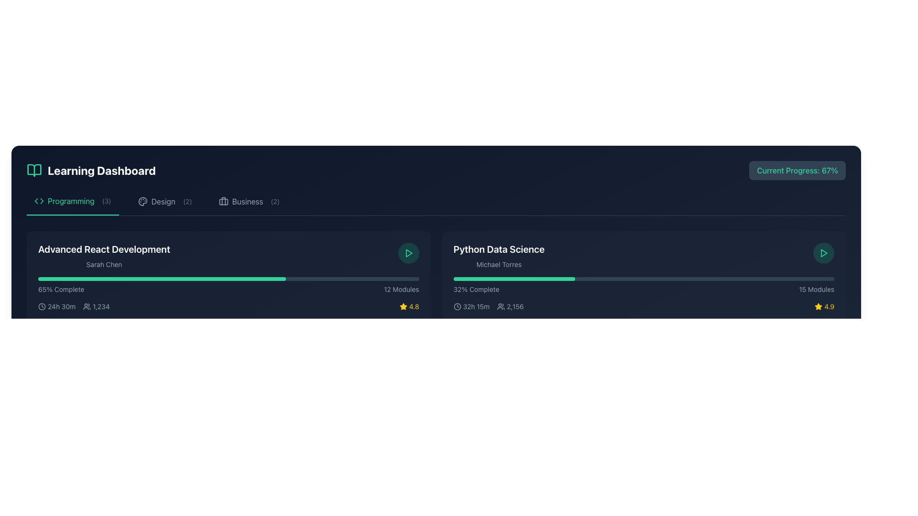  I want to click on the text label that serves as the heading and subheading for the 'Python Data Science' course, positioned at the top section of the card, right of the 'Advanced React Development' card, so click(498, 256).